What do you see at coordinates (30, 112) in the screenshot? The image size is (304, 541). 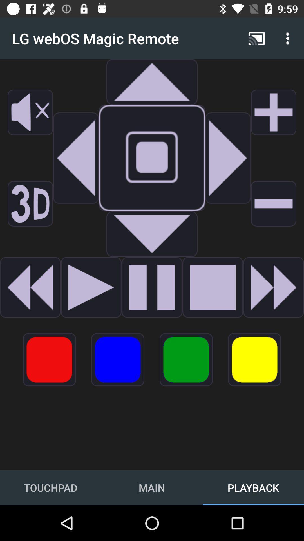 I see `the volume icon` at bounding box center [30, 112].